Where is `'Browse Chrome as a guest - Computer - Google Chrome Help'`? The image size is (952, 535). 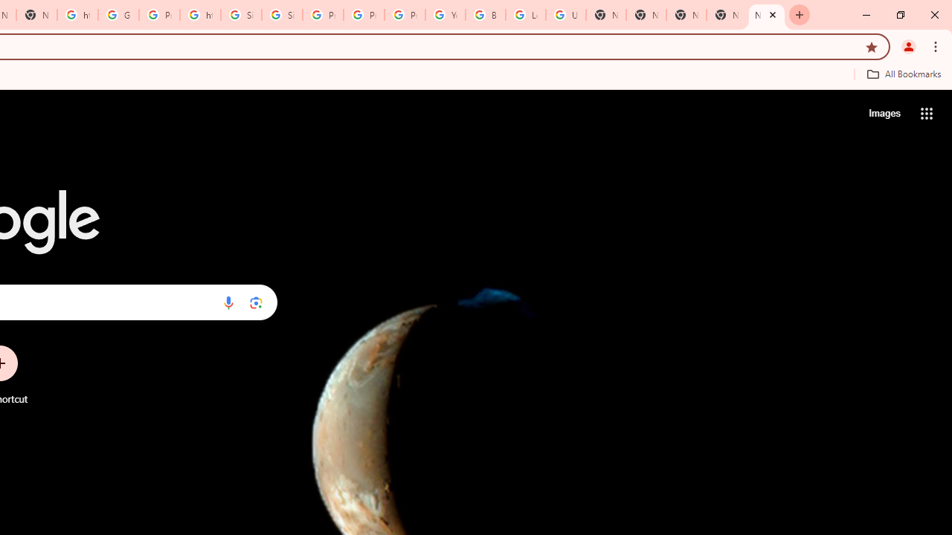
'Browse Chrome as a guest - Computer - Google Chrome Help' is located at coordinates (485, 15).